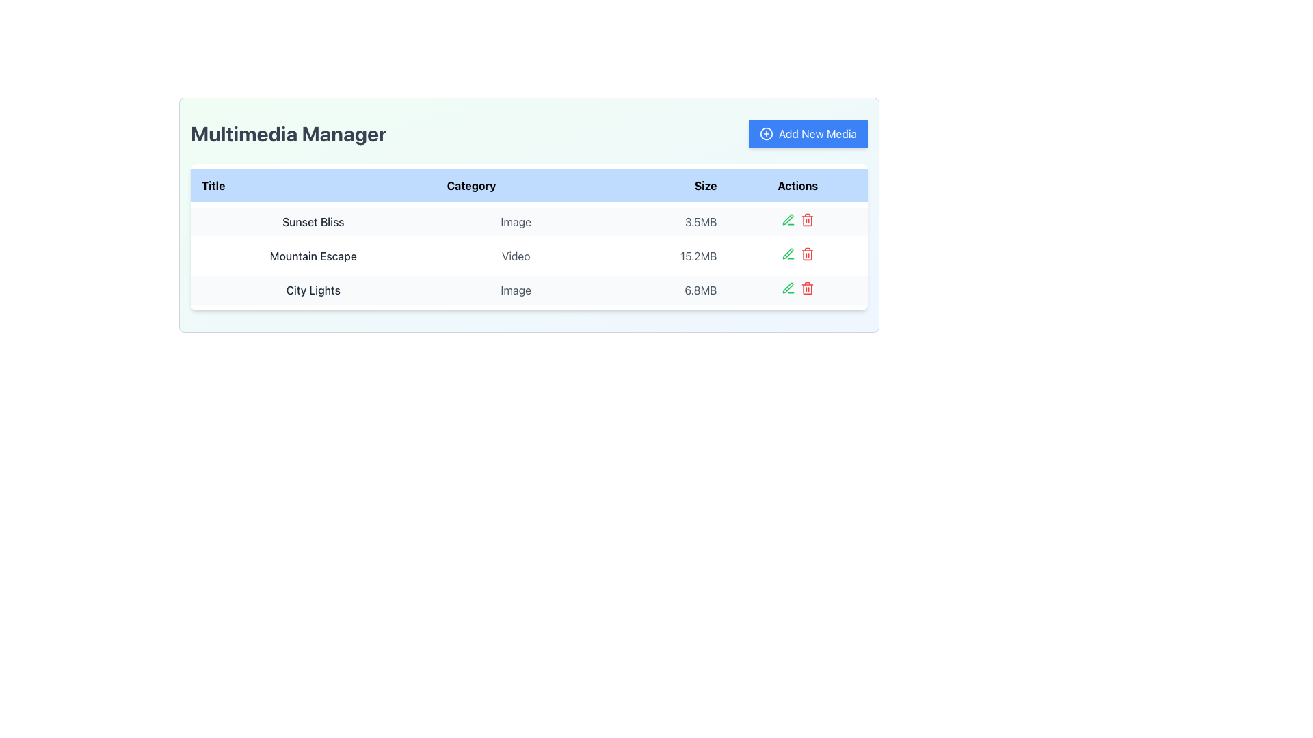 This screenshot has width=1313, height=738. I want to click on the non-interactive label in the 'Category' column of the table on the 'City Lights' row to indicate the category of the corresponding media item, so click(515, 289).